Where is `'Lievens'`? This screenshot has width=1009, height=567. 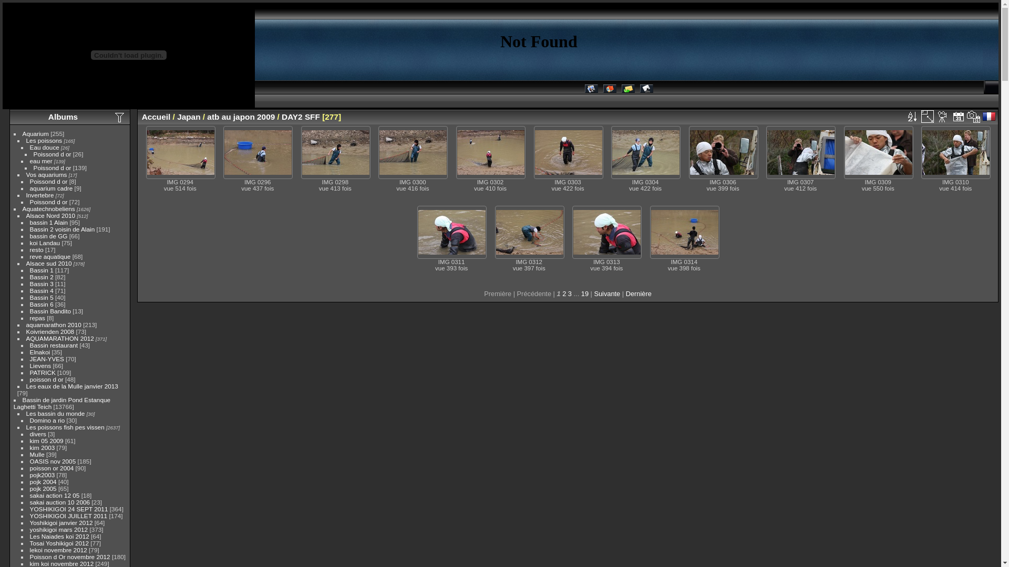
'Lievens' is located at coordinates (40, 365).